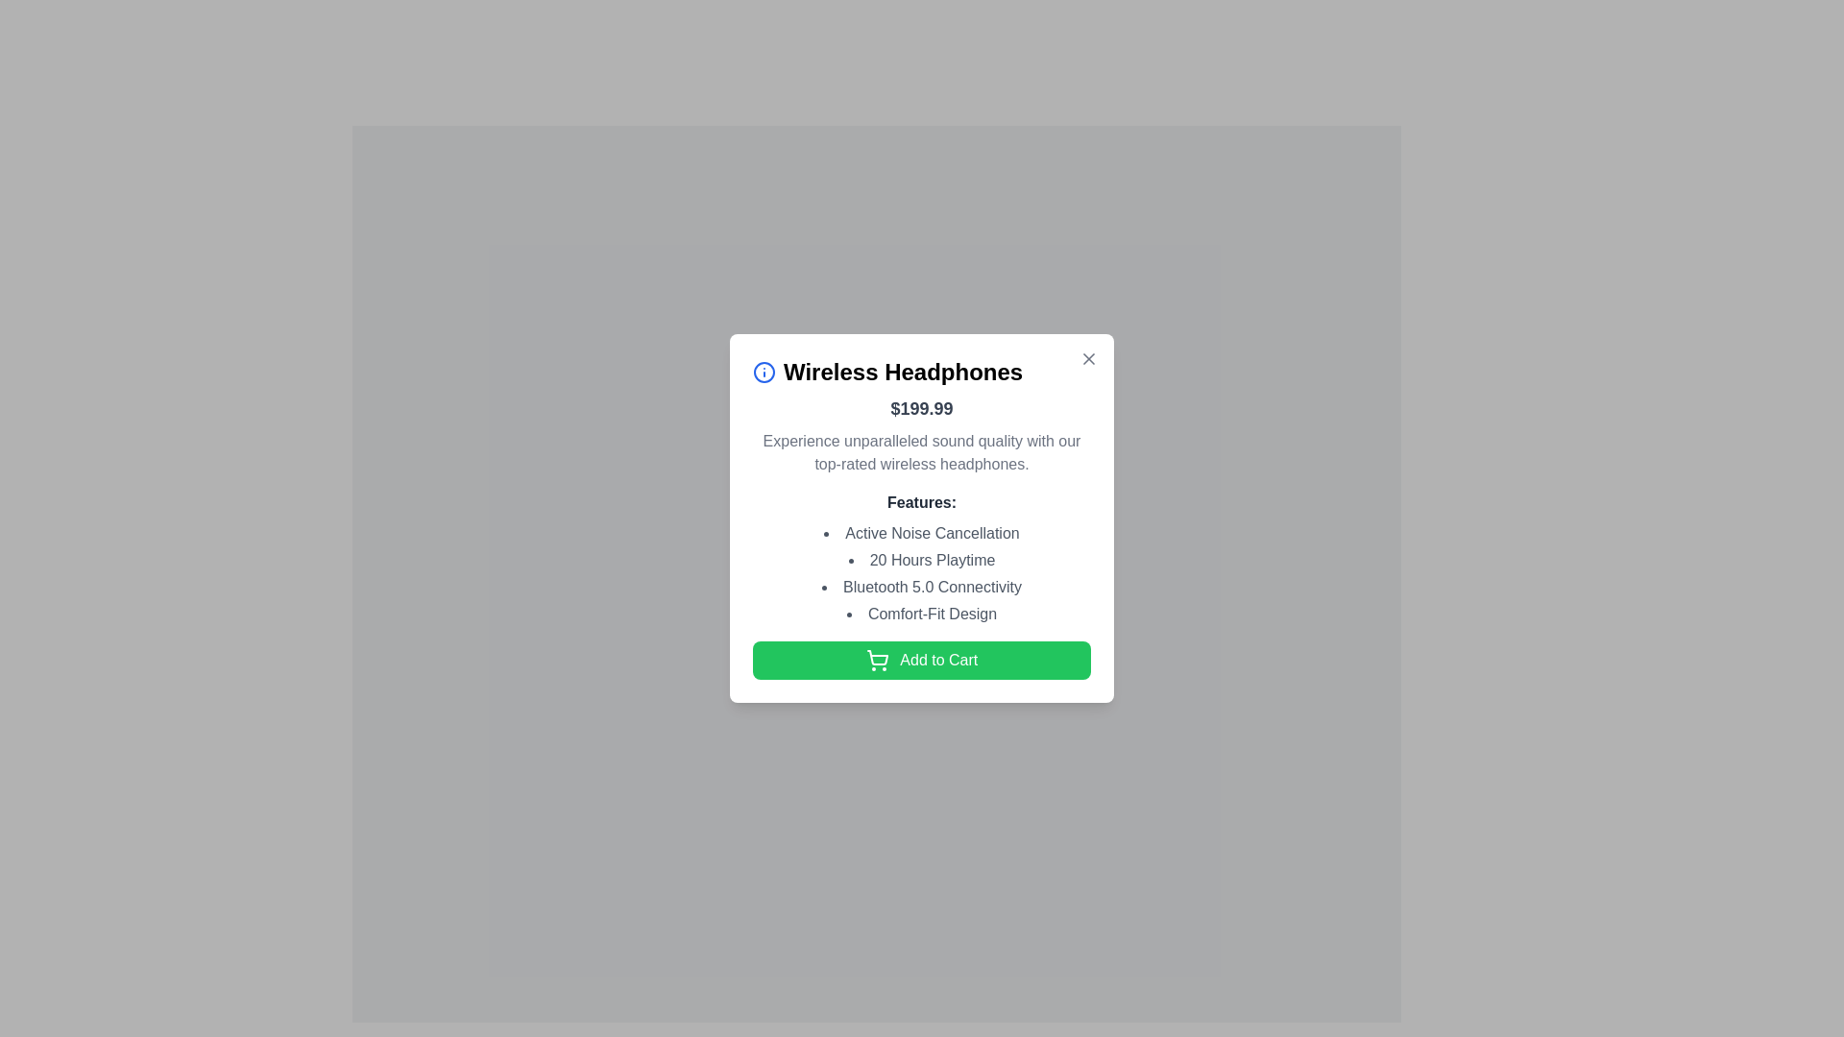  Describe the element at coordinates (876, 660) in the screenshot. I see `the shopping cart icon inside the 'Add to Cart' button located at the bottom of the popup modal` at that location.